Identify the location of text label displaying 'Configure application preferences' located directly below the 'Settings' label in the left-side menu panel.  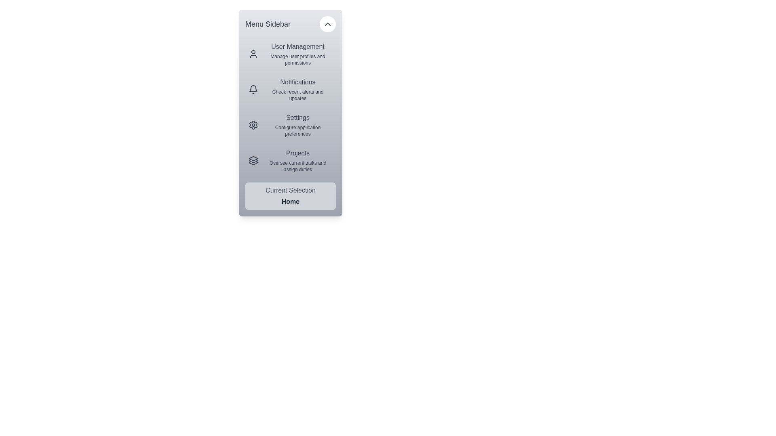
(297, 130).